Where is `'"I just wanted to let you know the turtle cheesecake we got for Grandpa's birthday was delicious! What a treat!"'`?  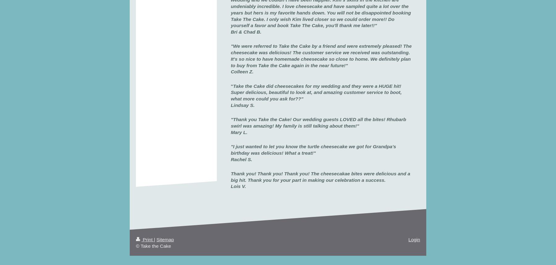
'"I just wanted to let you know the turtle cheesecake we got for Grandpa's birthday was delicious! What a treat!"' is located at coordinates (313, 149).